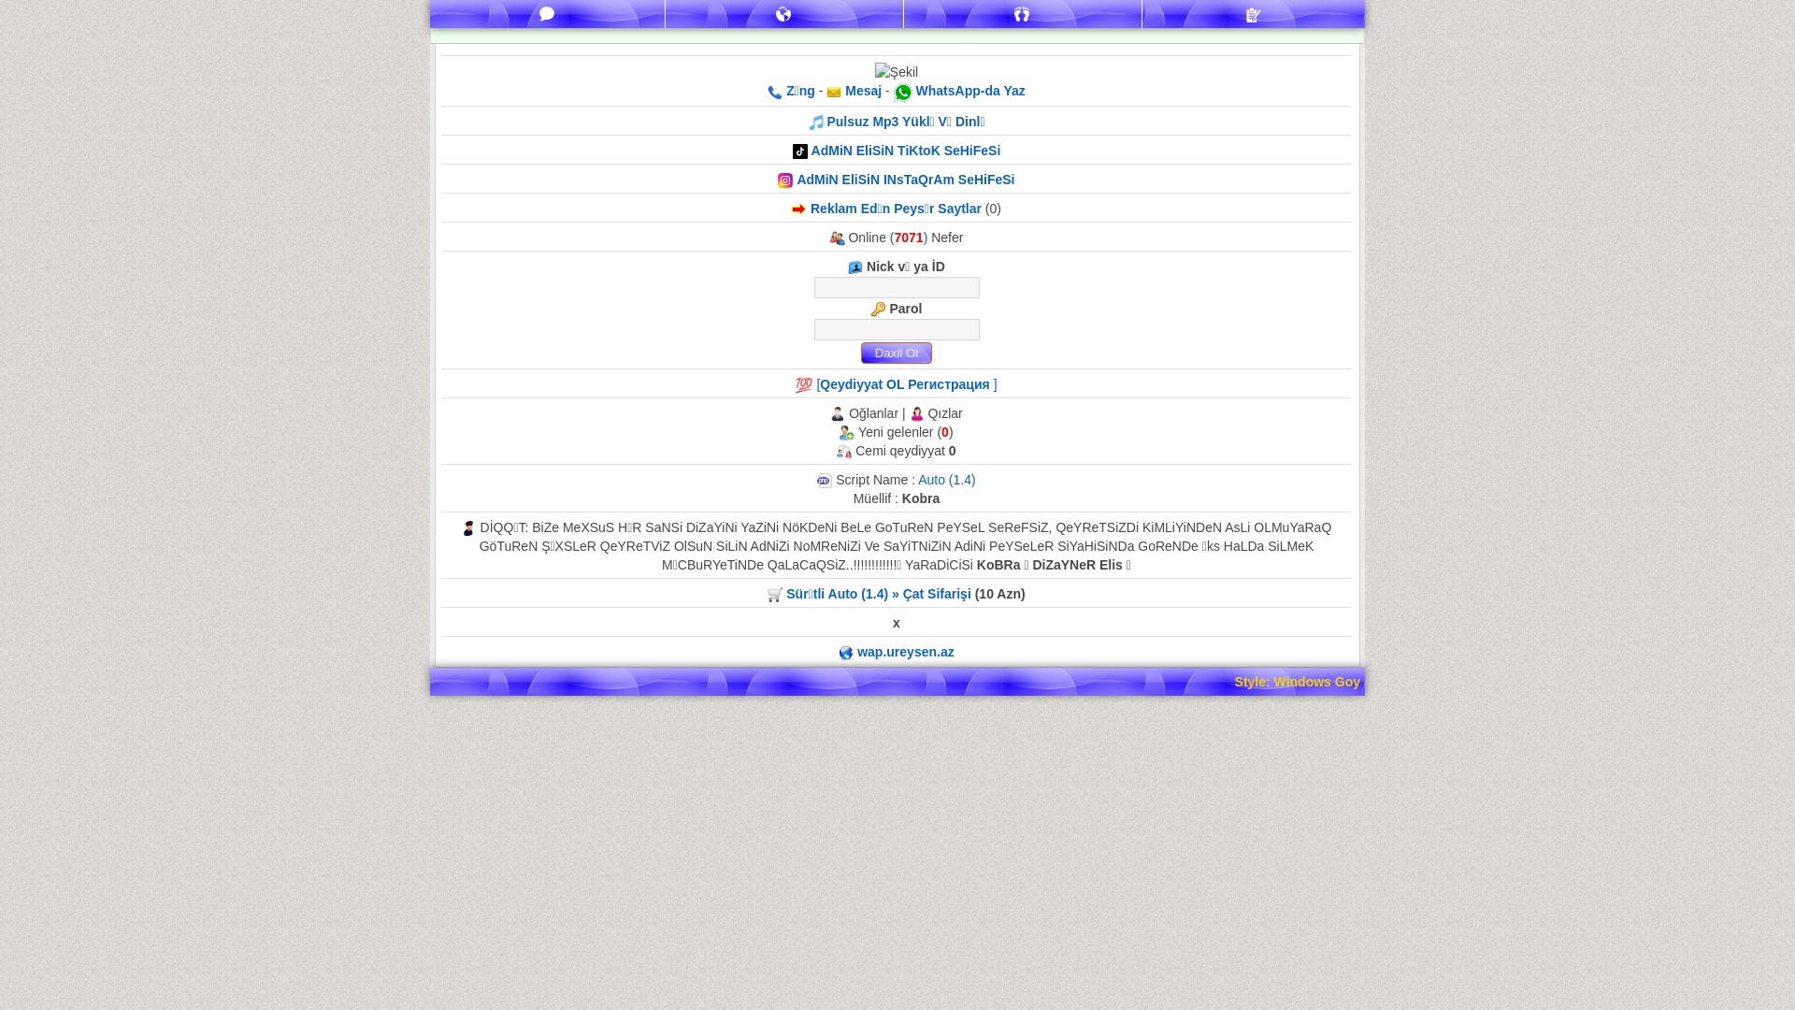  What do you see at coordinates (1234, 682) in the screenshot?
I see `'Style: Windows Goy'` at bounding box center [1234, 682].